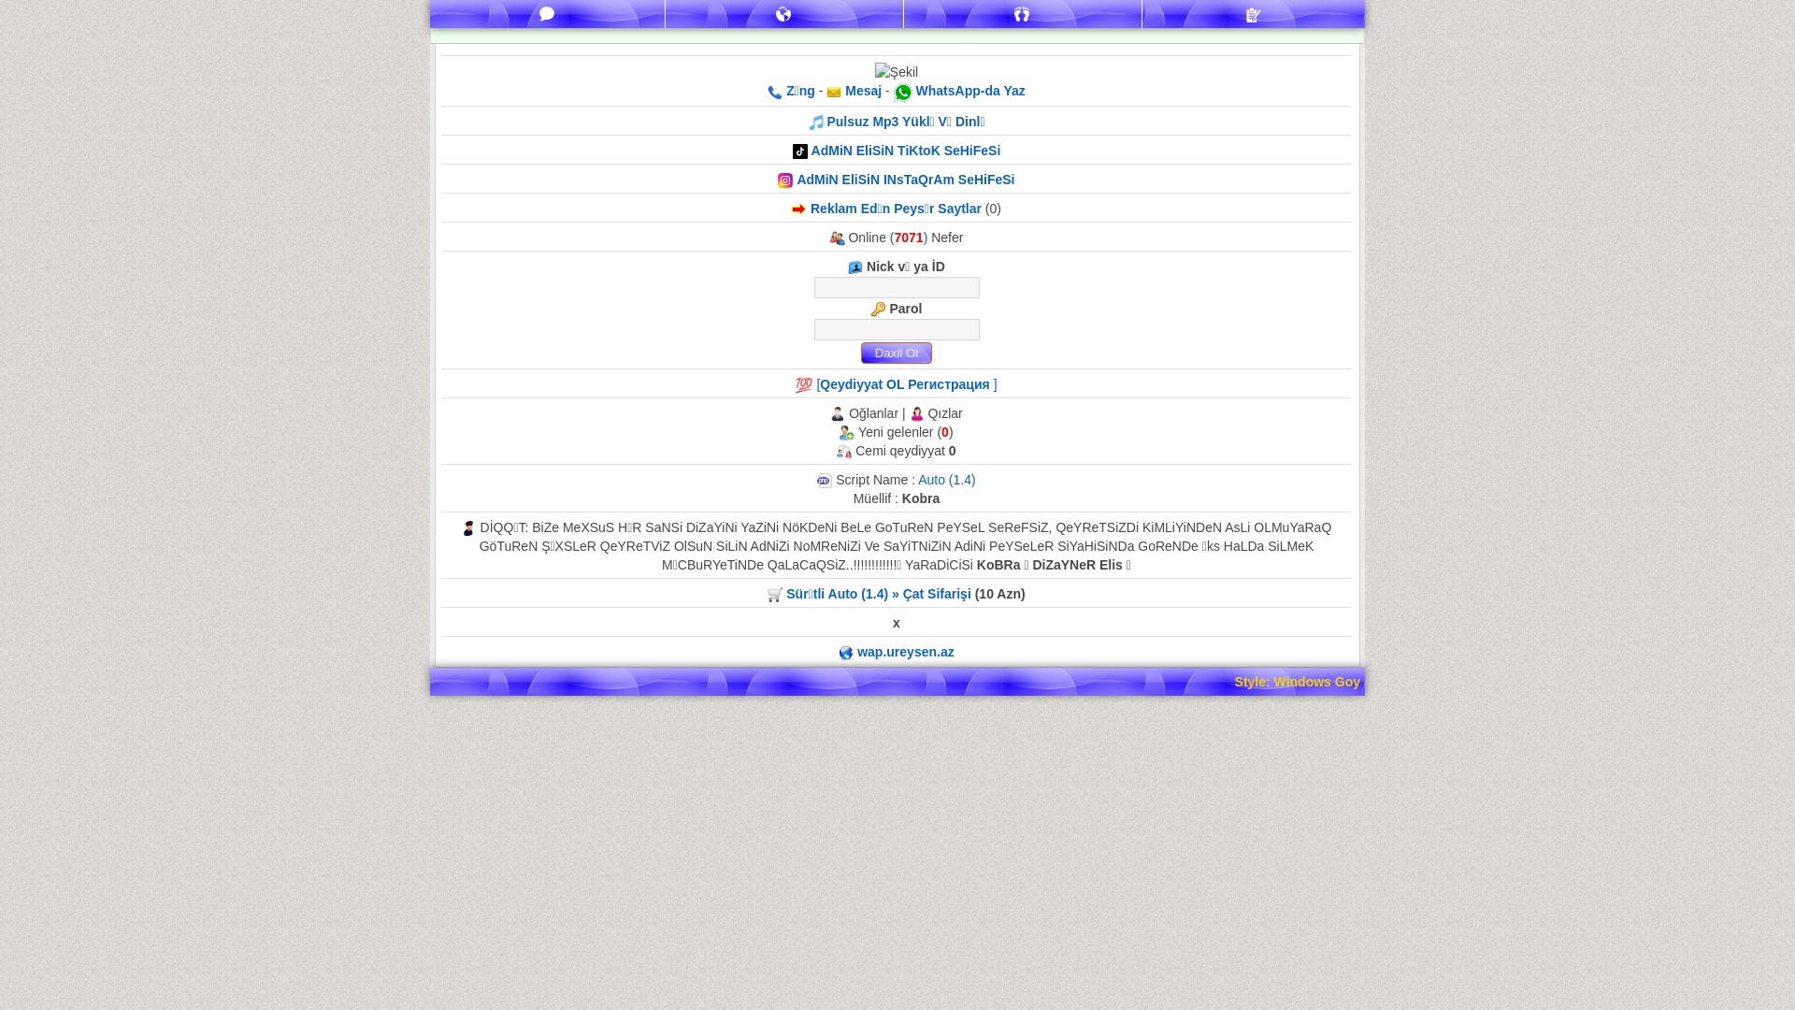  What do you see at coordinates (1234, 682) in the screenshot?
I see `'Style: Windows Goy'` at bounding box center [1234, 682].